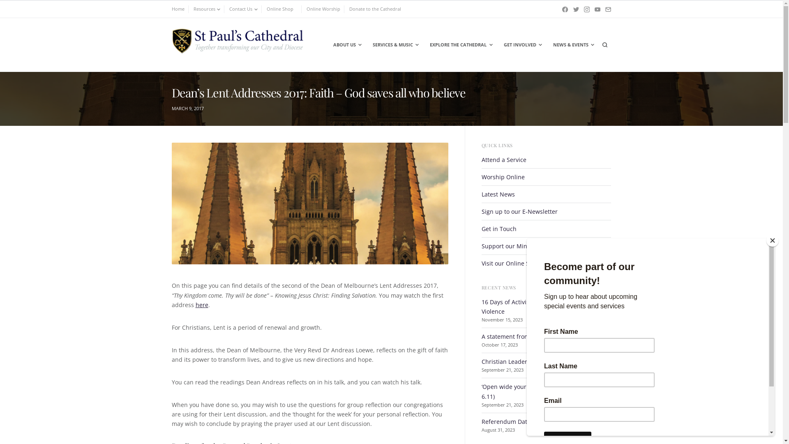 The width and height of the screenshot is (789, 444). I want to click on 'A statement from the Dean', so click(518, 336).